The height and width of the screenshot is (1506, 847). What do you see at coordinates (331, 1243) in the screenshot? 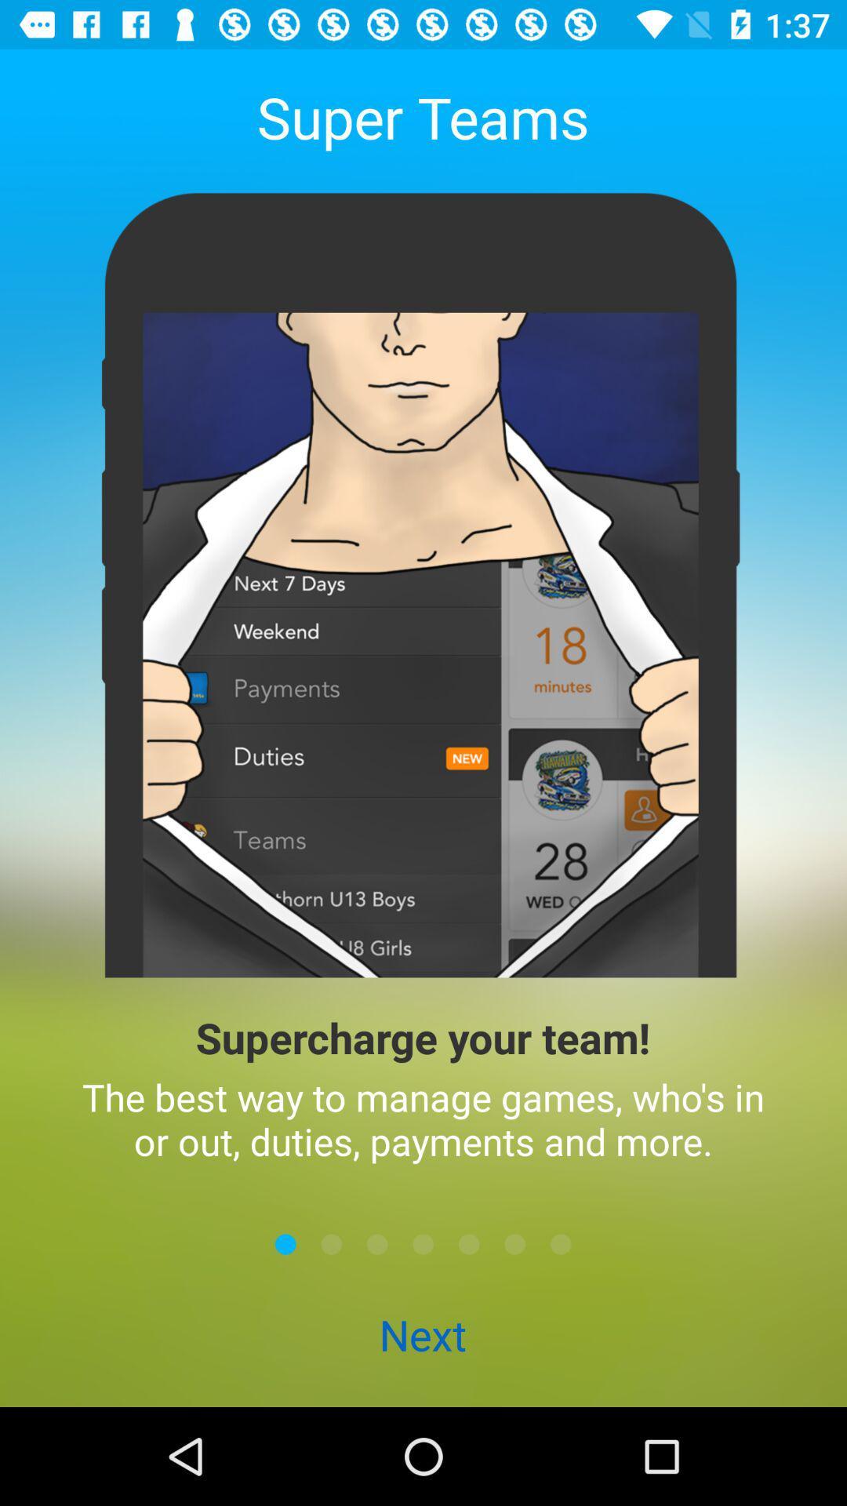
I see `the item below the best way item` at bounding box center [331, 1243].